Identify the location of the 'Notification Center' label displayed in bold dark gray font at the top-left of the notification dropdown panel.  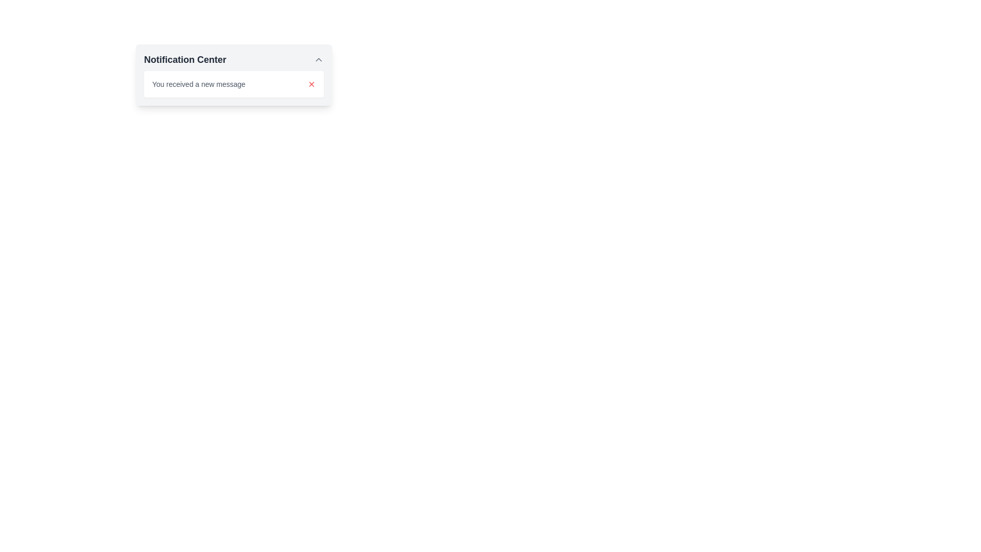
(185, 59).